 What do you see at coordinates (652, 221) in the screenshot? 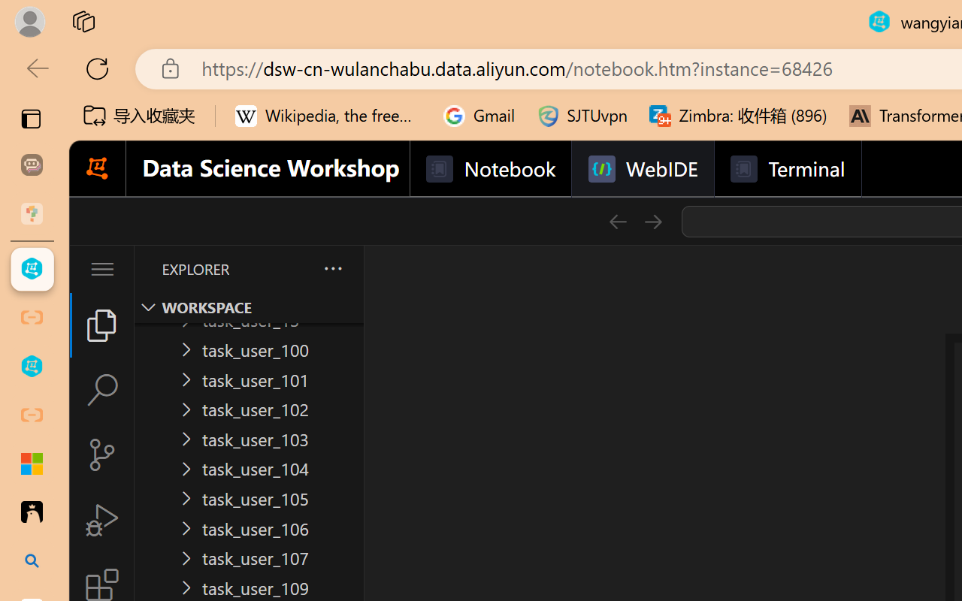
I see `'Go Forward (Alt+RightArrow)'` at bounding box center [652, 221].